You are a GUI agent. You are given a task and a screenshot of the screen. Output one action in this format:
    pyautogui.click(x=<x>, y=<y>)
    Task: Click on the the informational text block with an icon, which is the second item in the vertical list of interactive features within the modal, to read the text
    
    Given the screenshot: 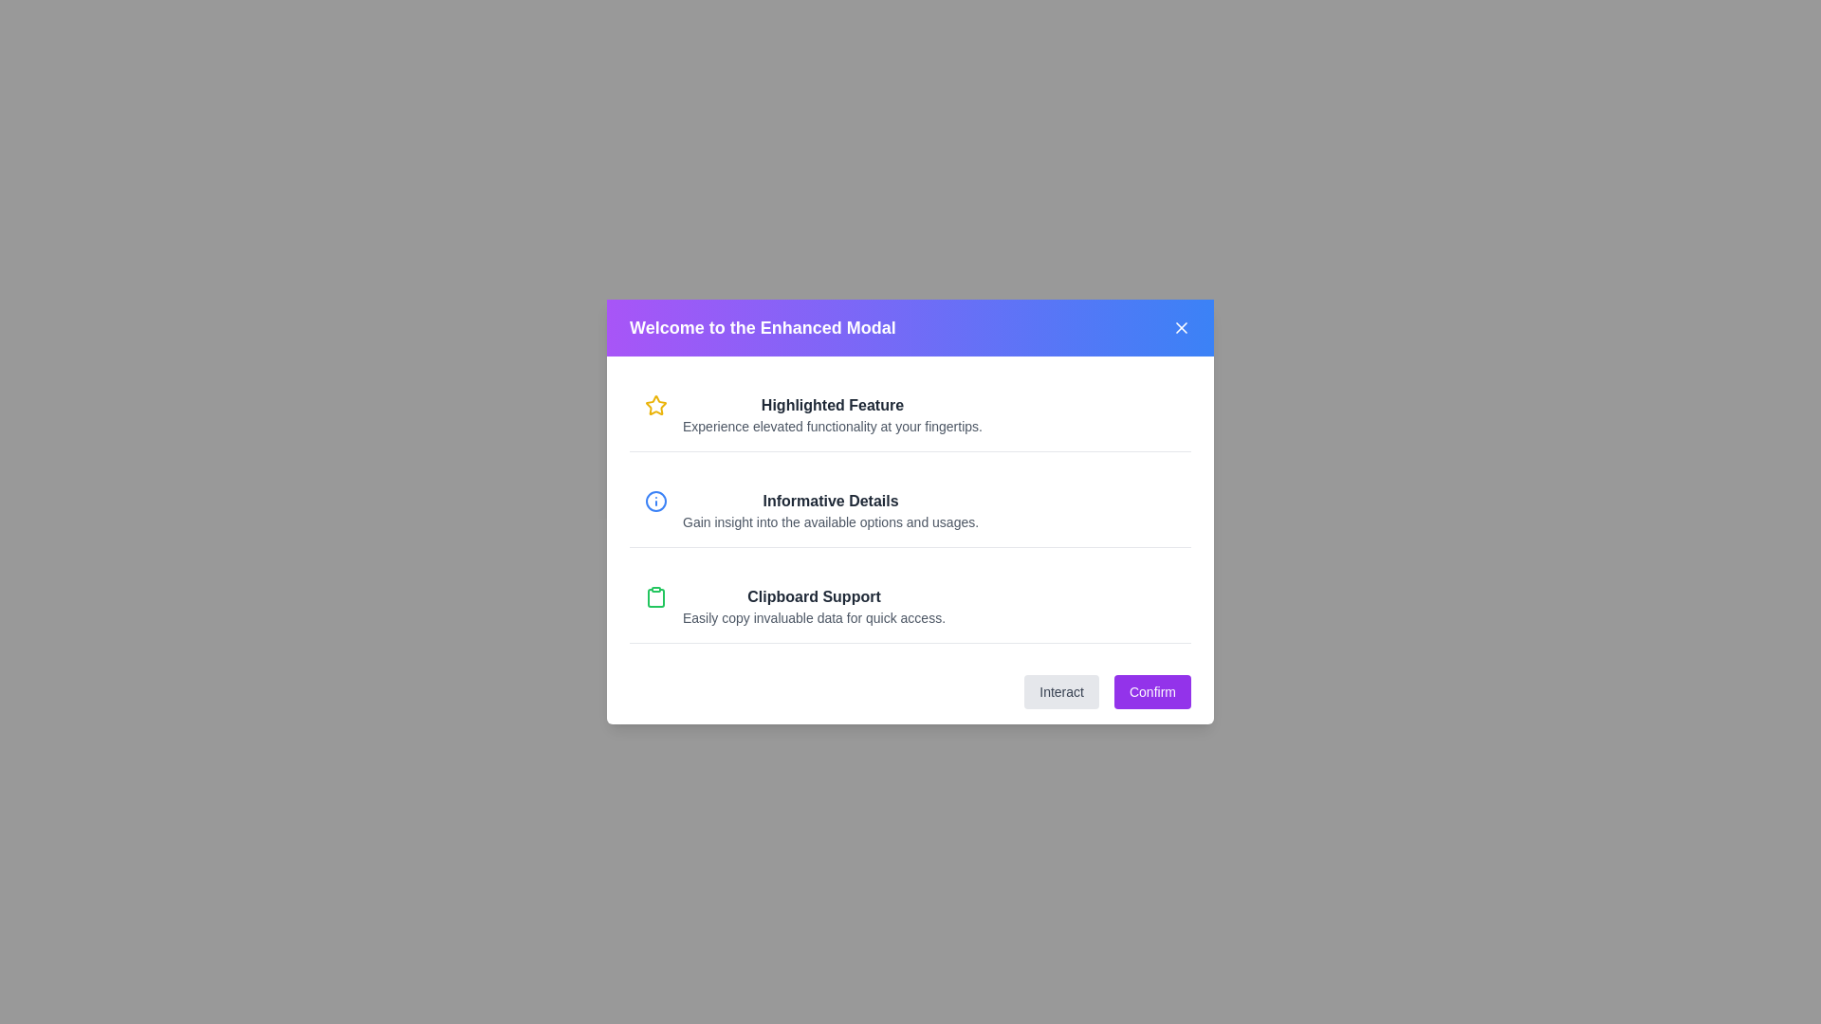 What is the action you would take?
    pyautogui.click(x=910, y=510)
    